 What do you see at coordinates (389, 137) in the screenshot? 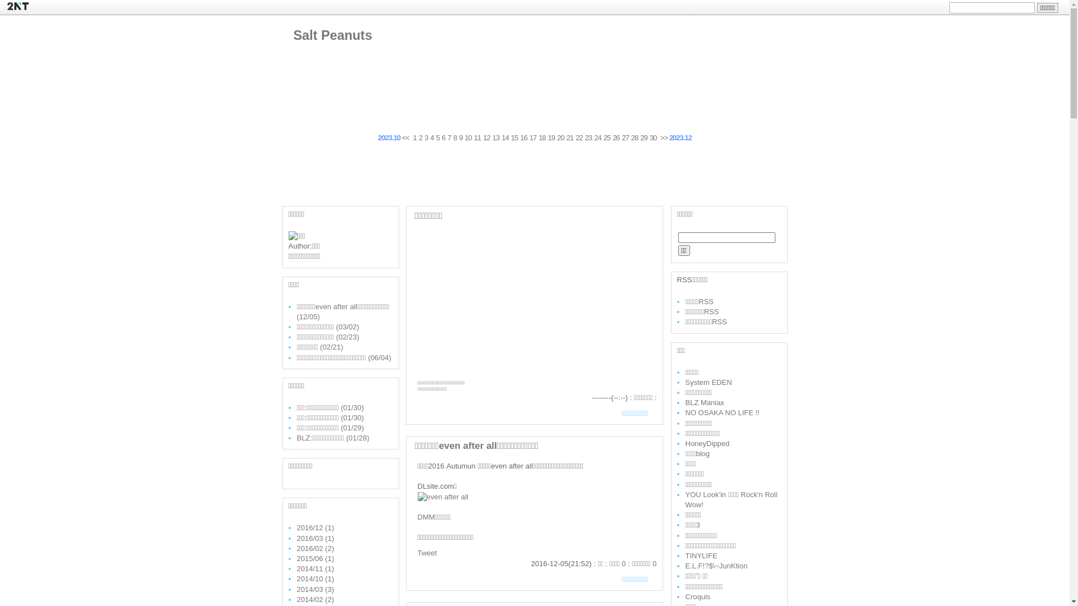
I see `'2023.10'` at bounding box center [389, 137].